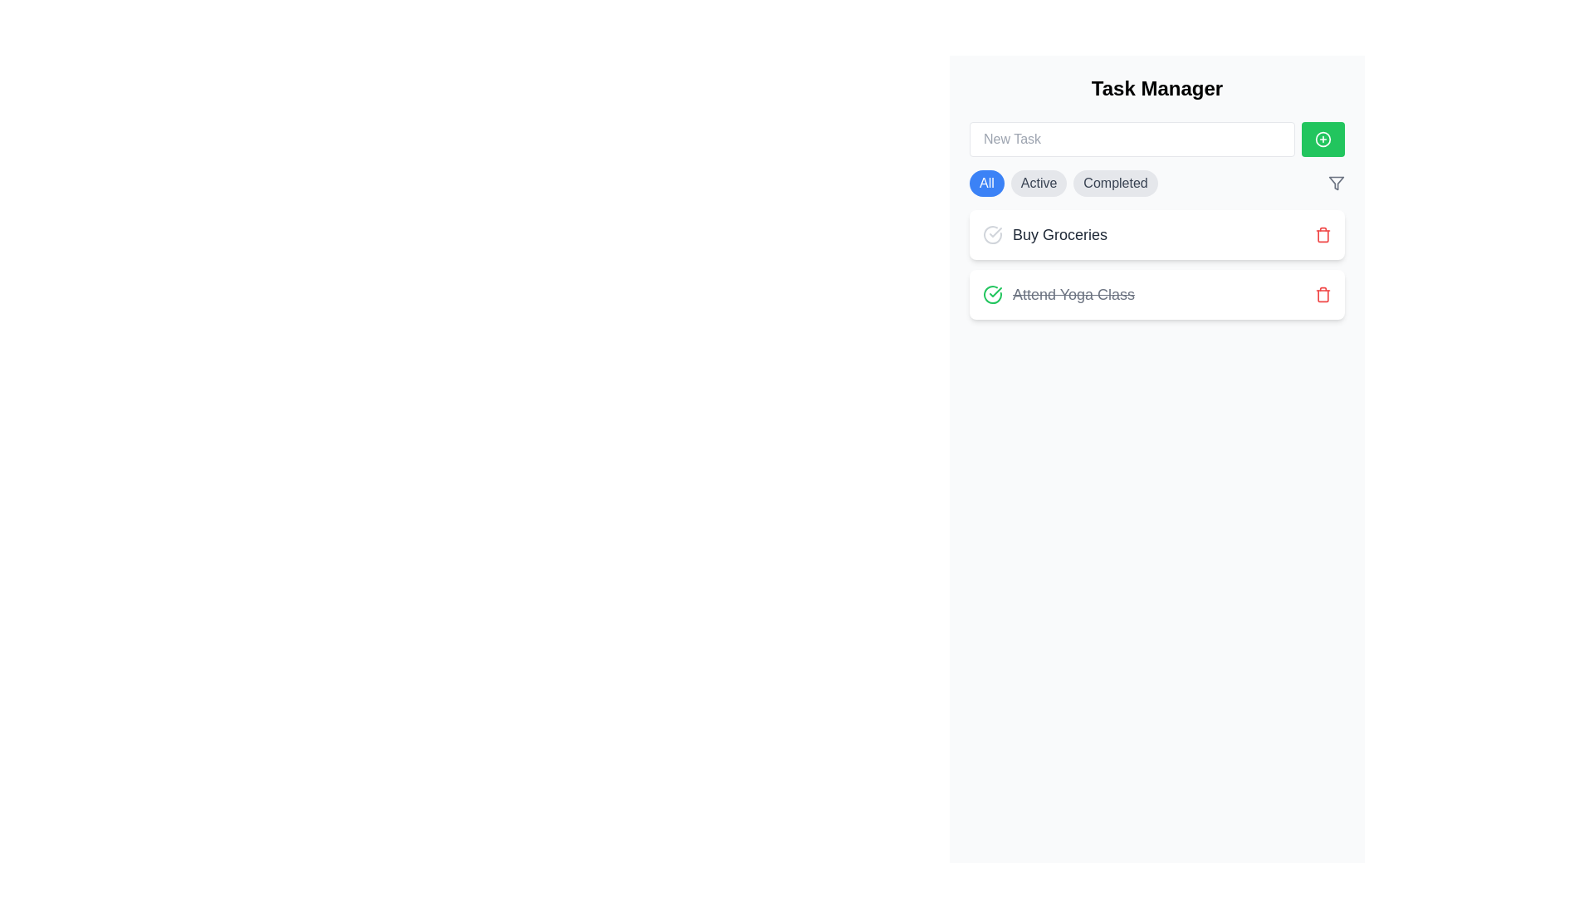 This screenshot has height=897, width=1594. What do you see at coordinates (1063, 183) in the screenshot?
I see `the 'Completed' button in the group of selectable buttons functioning as filters` at bounding box center [1063, 183].